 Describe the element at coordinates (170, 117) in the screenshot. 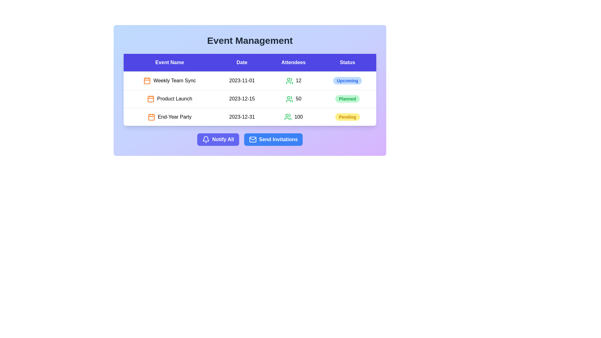

I see `the row corresponding to the event 'End-Year Party' to view its details` at that location.